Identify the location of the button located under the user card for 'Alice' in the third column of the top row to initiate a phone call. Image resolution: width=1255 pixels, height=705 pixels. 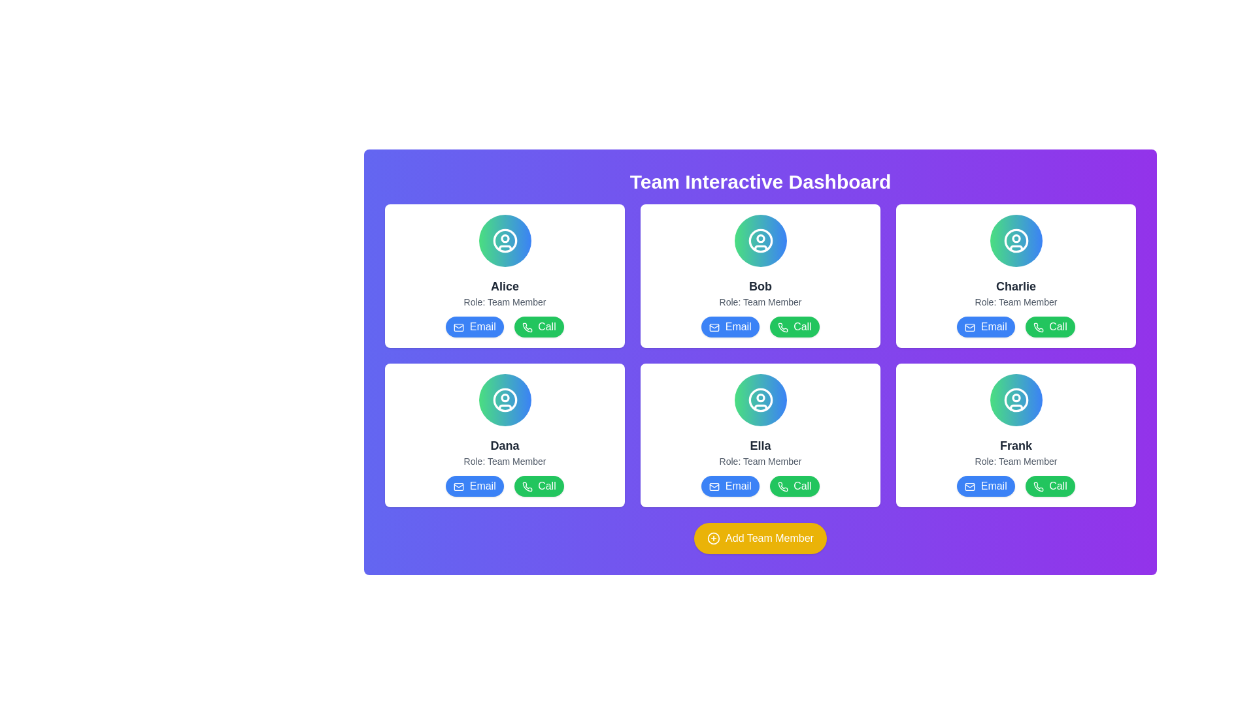
(527, 326).